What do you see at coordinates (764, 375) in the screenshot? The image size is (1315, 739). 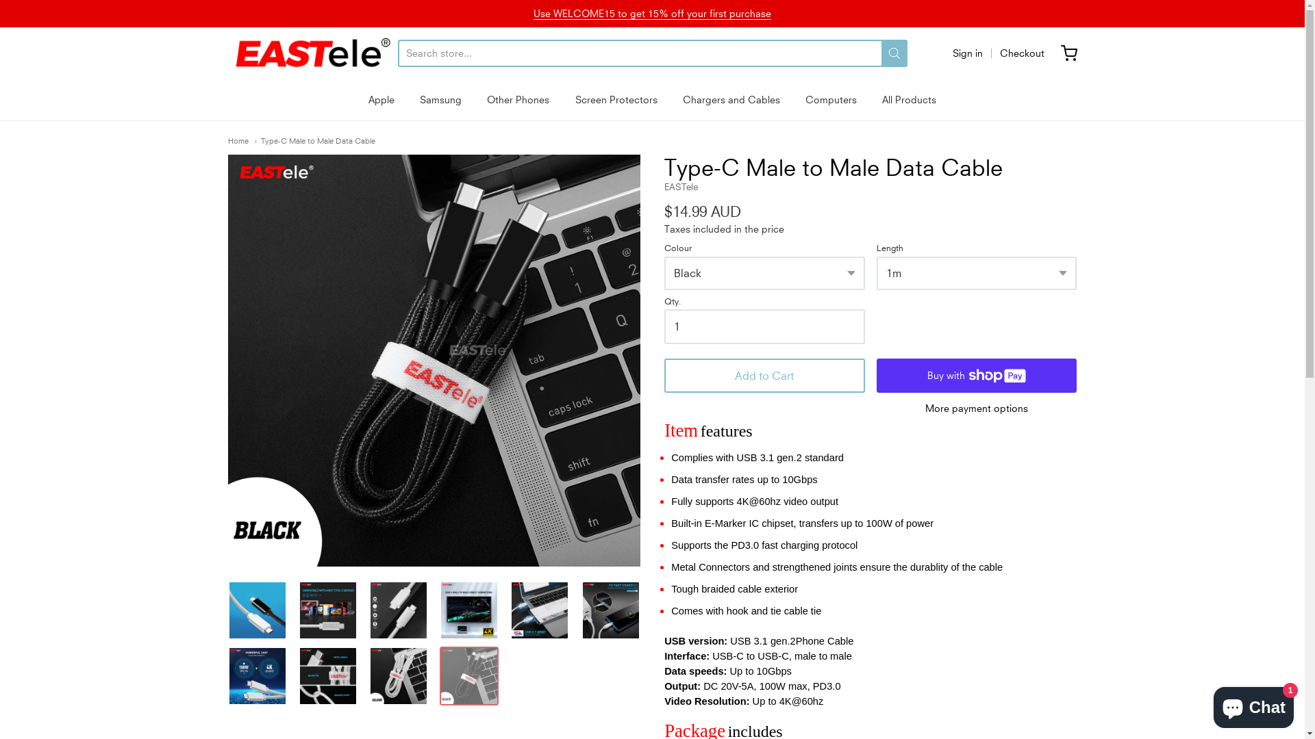 I see `'Add to Cart'` at bounding box center [764, 375].